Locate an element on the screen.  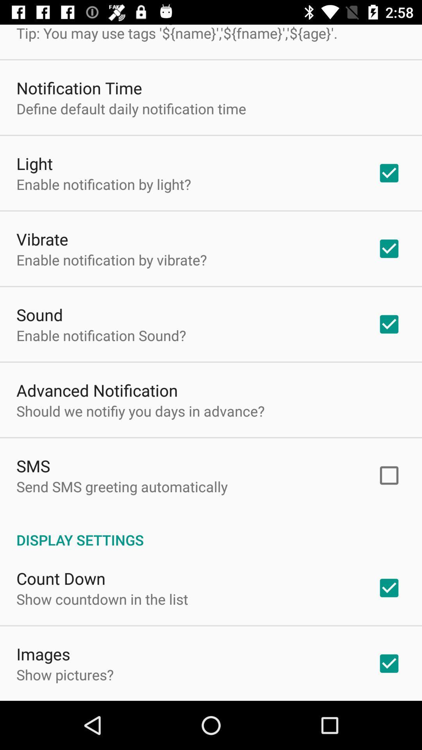
icon below the images app is located at coordinates (64, 674).